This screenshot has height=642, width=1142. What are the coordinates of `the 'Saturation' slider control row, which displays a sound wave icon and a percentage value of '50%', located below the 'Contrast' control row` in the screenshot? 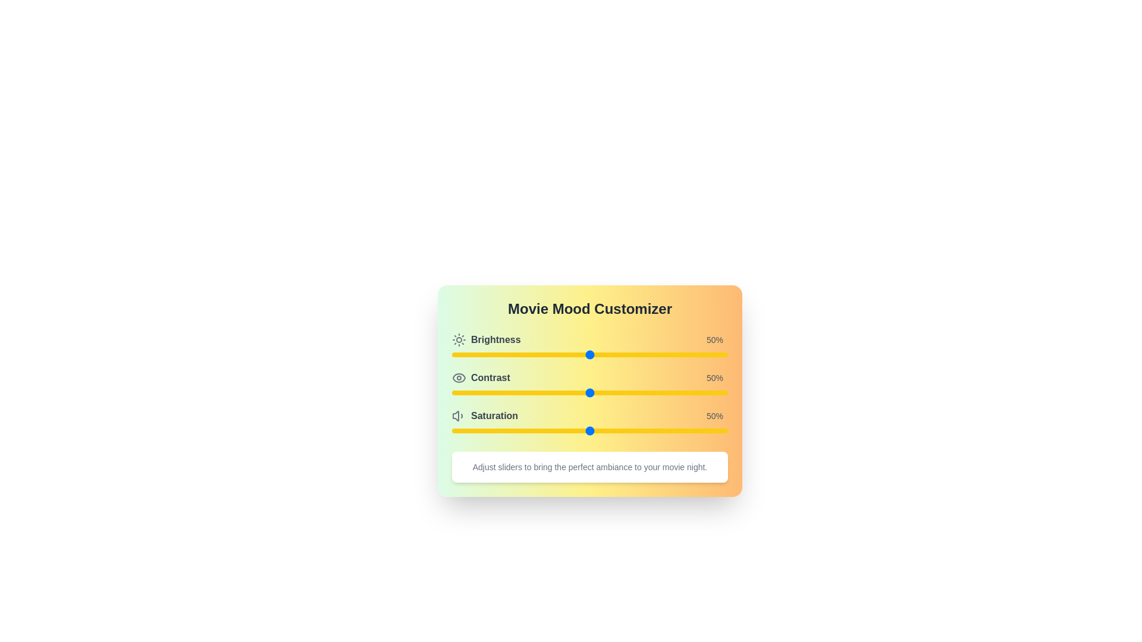 It's located at (590, 423).